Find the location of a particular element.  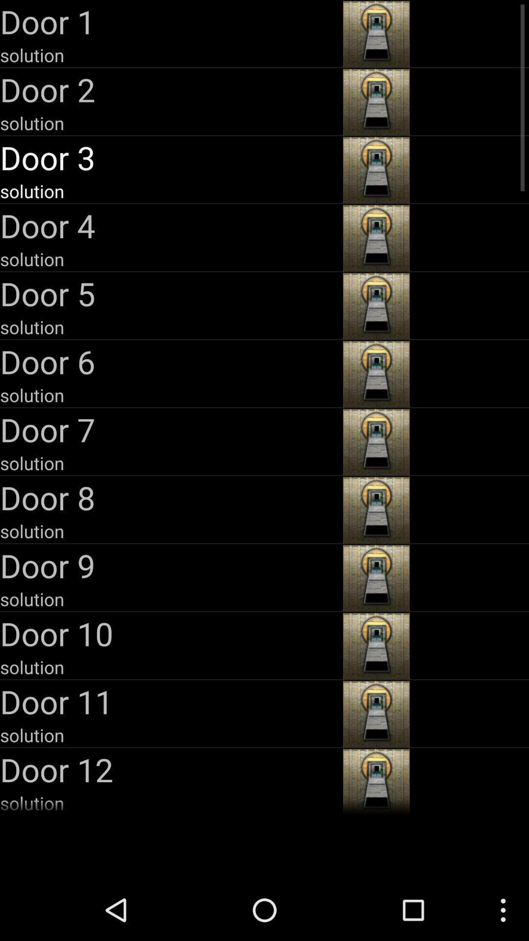

the door 1 icon is located at coordinates (169, 21).